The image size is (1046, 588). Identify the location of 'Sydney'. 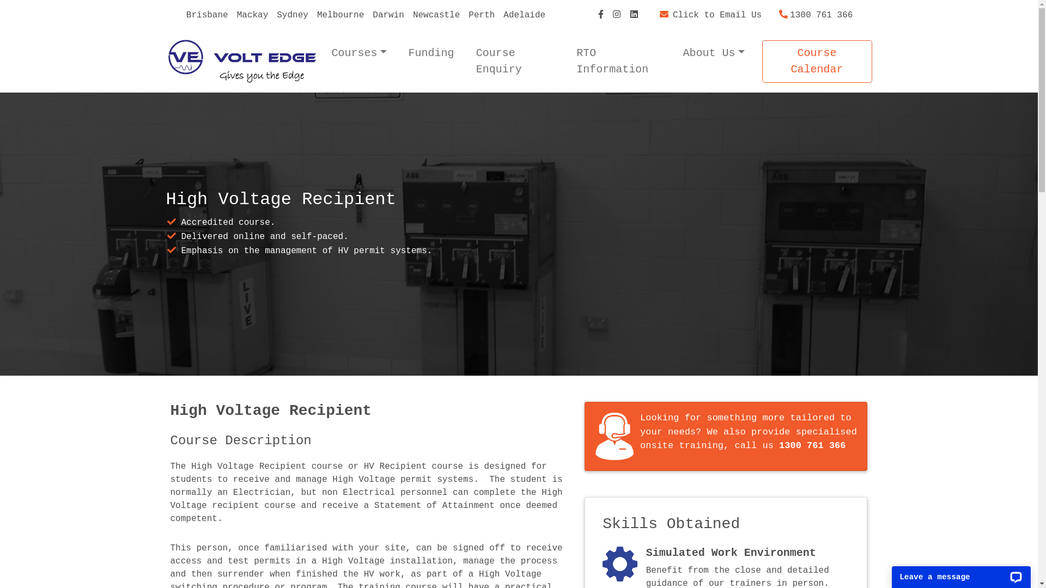
(272, 15).